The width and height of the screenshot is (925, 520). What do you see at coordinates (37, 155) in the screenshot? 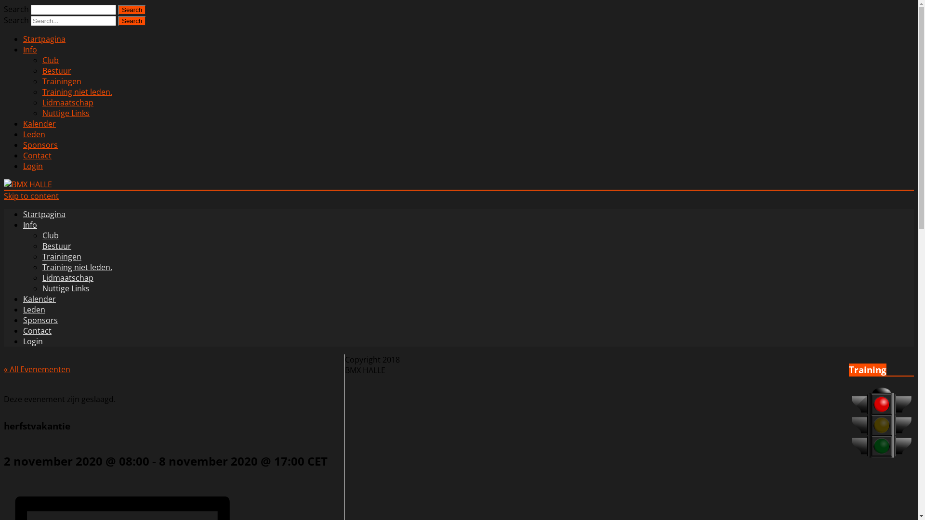
I see `'Contact'` at bounding box center [37, 155].